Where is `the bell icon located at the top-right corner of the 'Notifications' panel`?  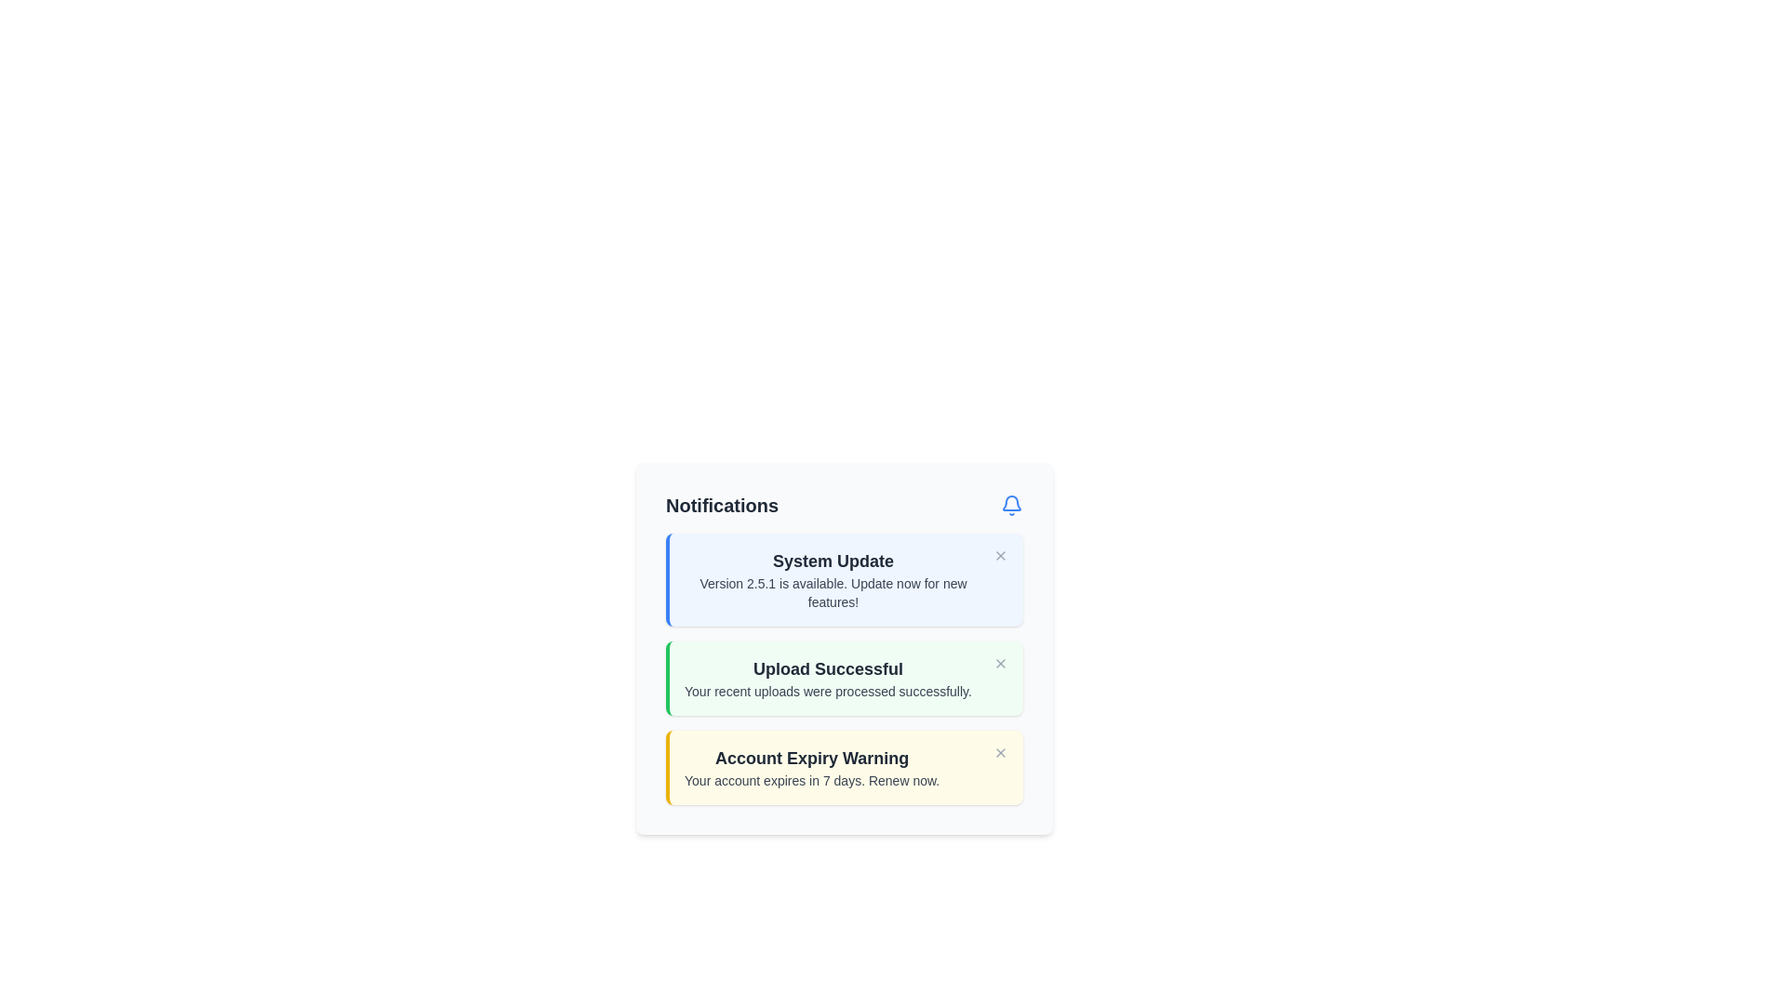
the bell icon located at the top-right corner of the 'Notifications' panel is located at coordinates (1011, 503).